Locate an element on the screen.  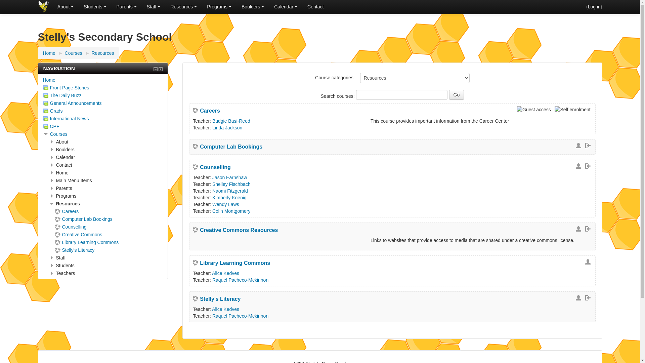
'Naomi Fitzgerald' is located at coordinates (230, 191).